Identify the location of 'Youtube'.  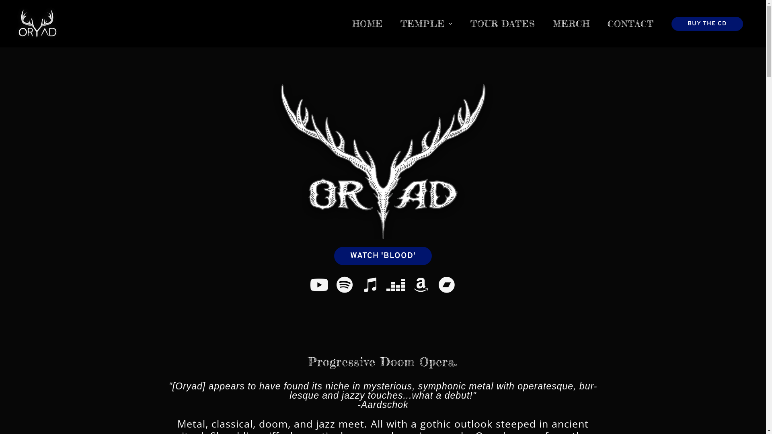
(318, 284).